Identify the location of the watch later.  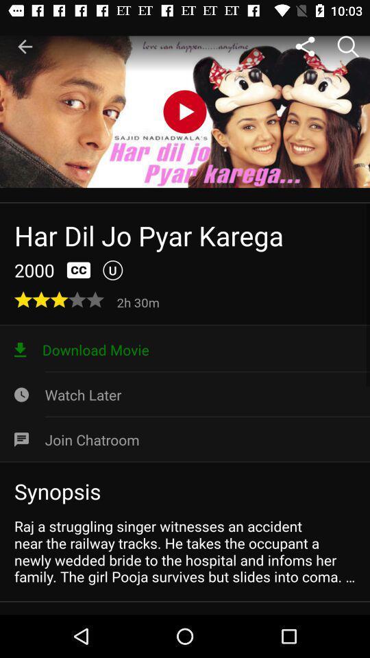
(185, 395).